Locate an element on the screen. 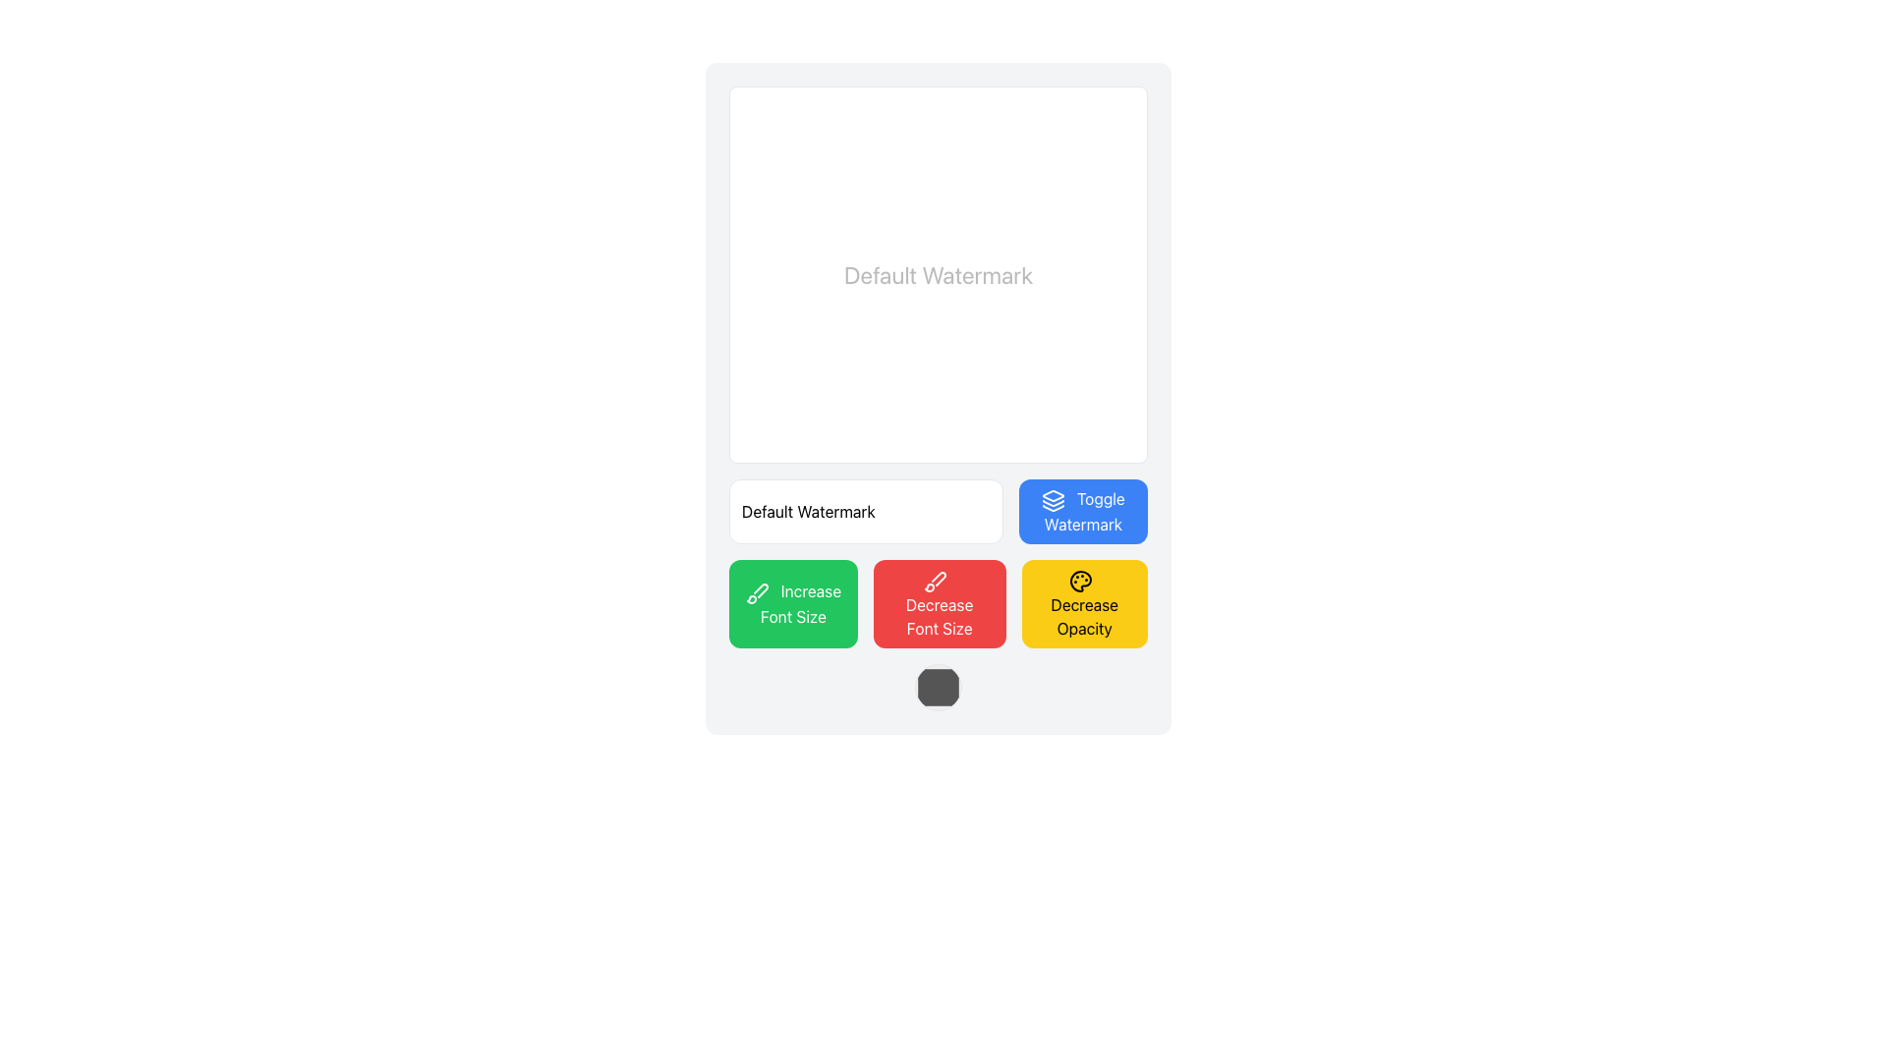  the small circular Color input button with a dark gray fill located below the font size and opacity buttons is located at coordinates (938, 685).